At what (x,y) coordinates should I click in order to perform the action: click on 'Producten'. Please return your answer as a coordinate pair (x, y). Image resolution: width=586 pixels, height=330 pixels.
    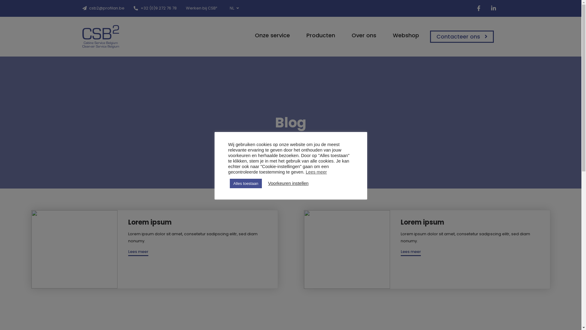
    Looking at the image, I should click on (317, 35).